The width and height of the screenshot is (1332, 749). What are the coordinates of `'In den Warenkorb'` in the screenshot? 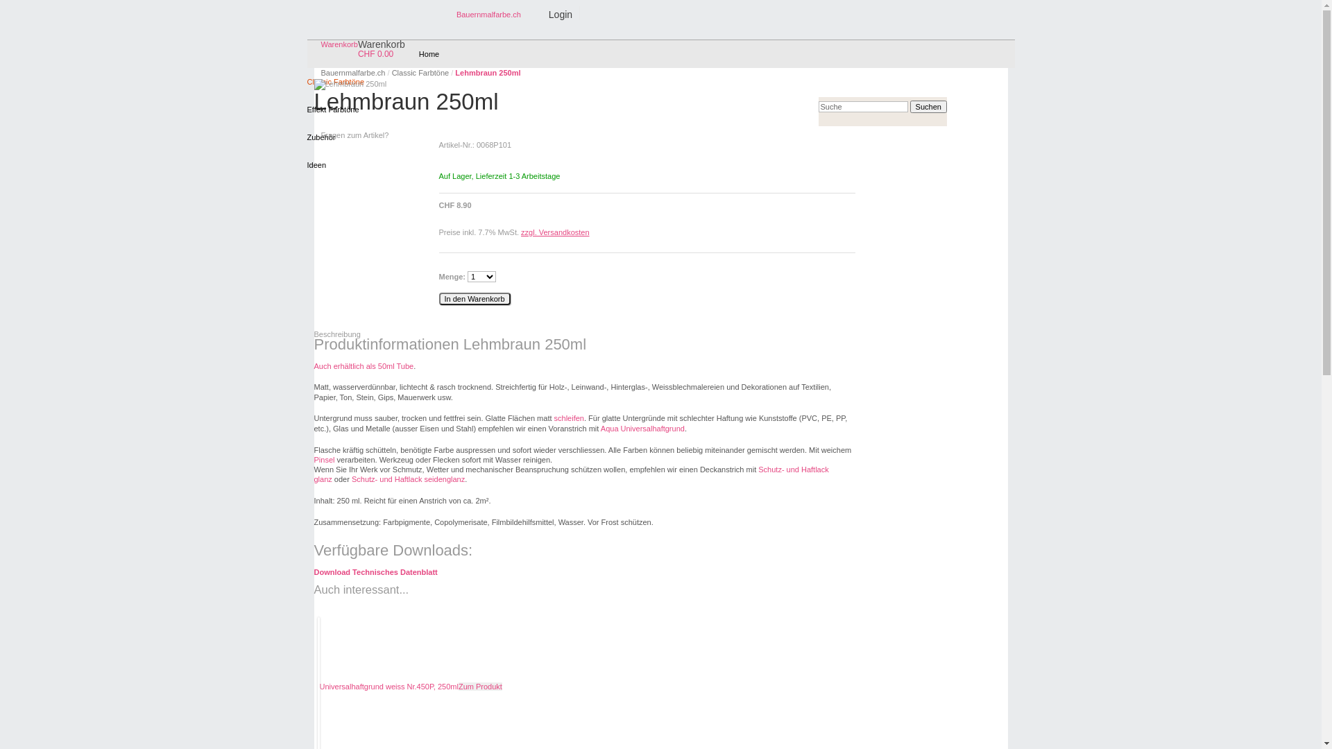 It's located at (474, 298).